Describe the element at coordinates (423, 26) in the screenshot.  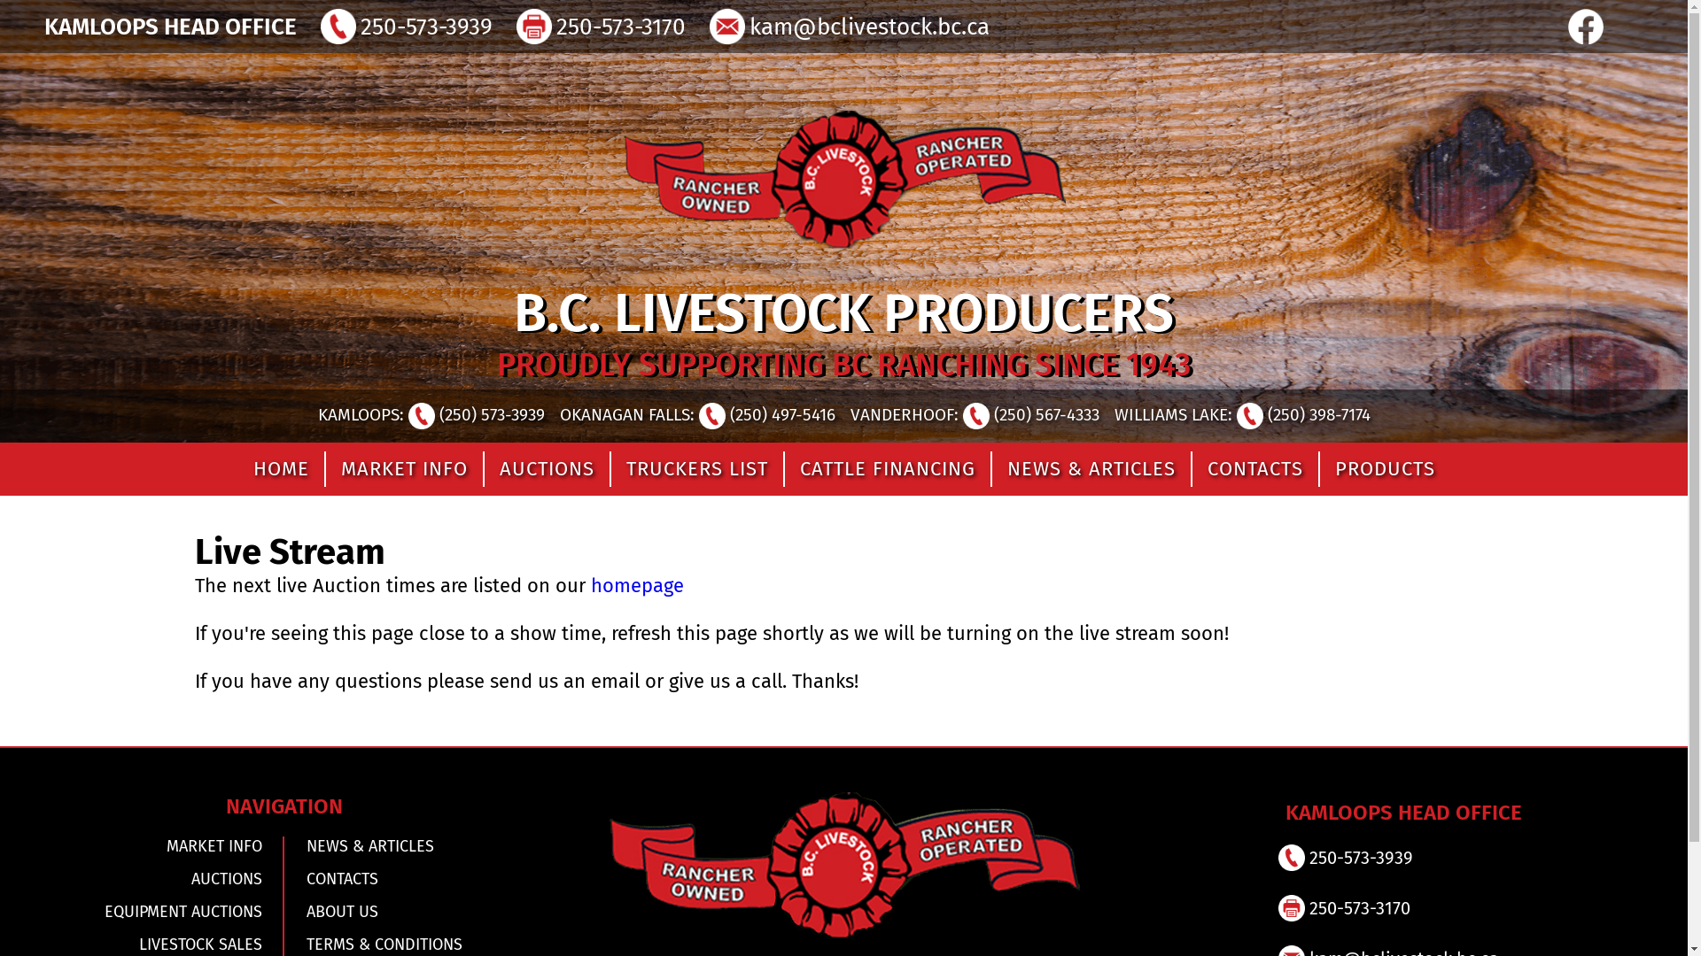
I see `'250-573-3939'` at that location.